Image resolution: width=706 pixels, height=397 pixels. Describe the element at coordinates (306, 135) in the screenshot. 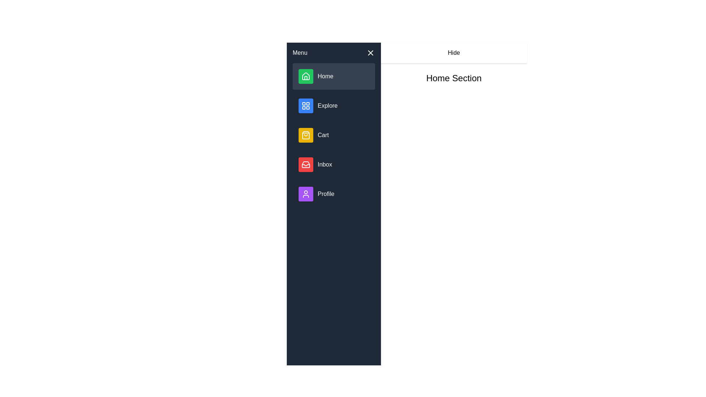

I see `SVG properties of the 'Cart' option in the vertical menu list, which is the third item from the top` at that location.